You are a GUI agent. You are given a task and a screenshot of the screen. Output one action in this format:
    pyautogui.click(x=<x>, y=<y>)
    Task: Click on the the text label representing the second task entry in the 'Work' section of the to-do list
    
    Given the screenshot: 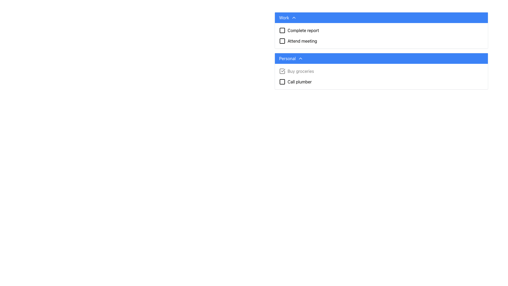 What is the action you would take?
    pyautogui.click(x=302, y=41)
    